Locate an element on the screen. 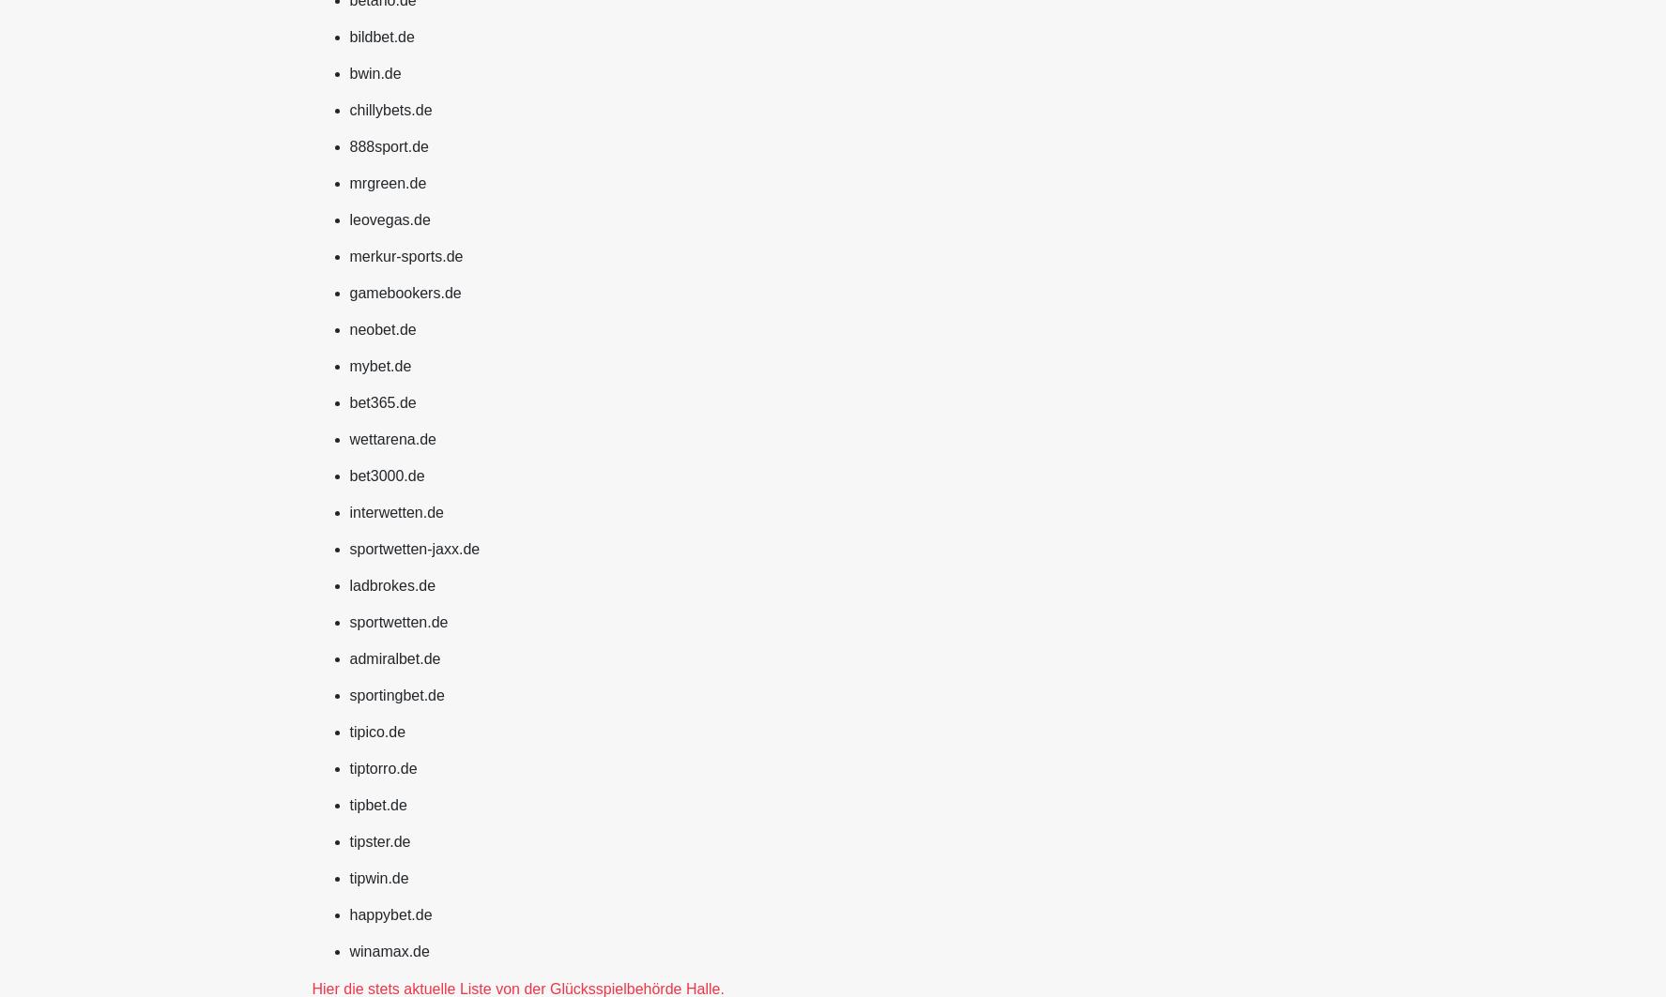  'bildbet.de' is located at coordinates (381, 36).